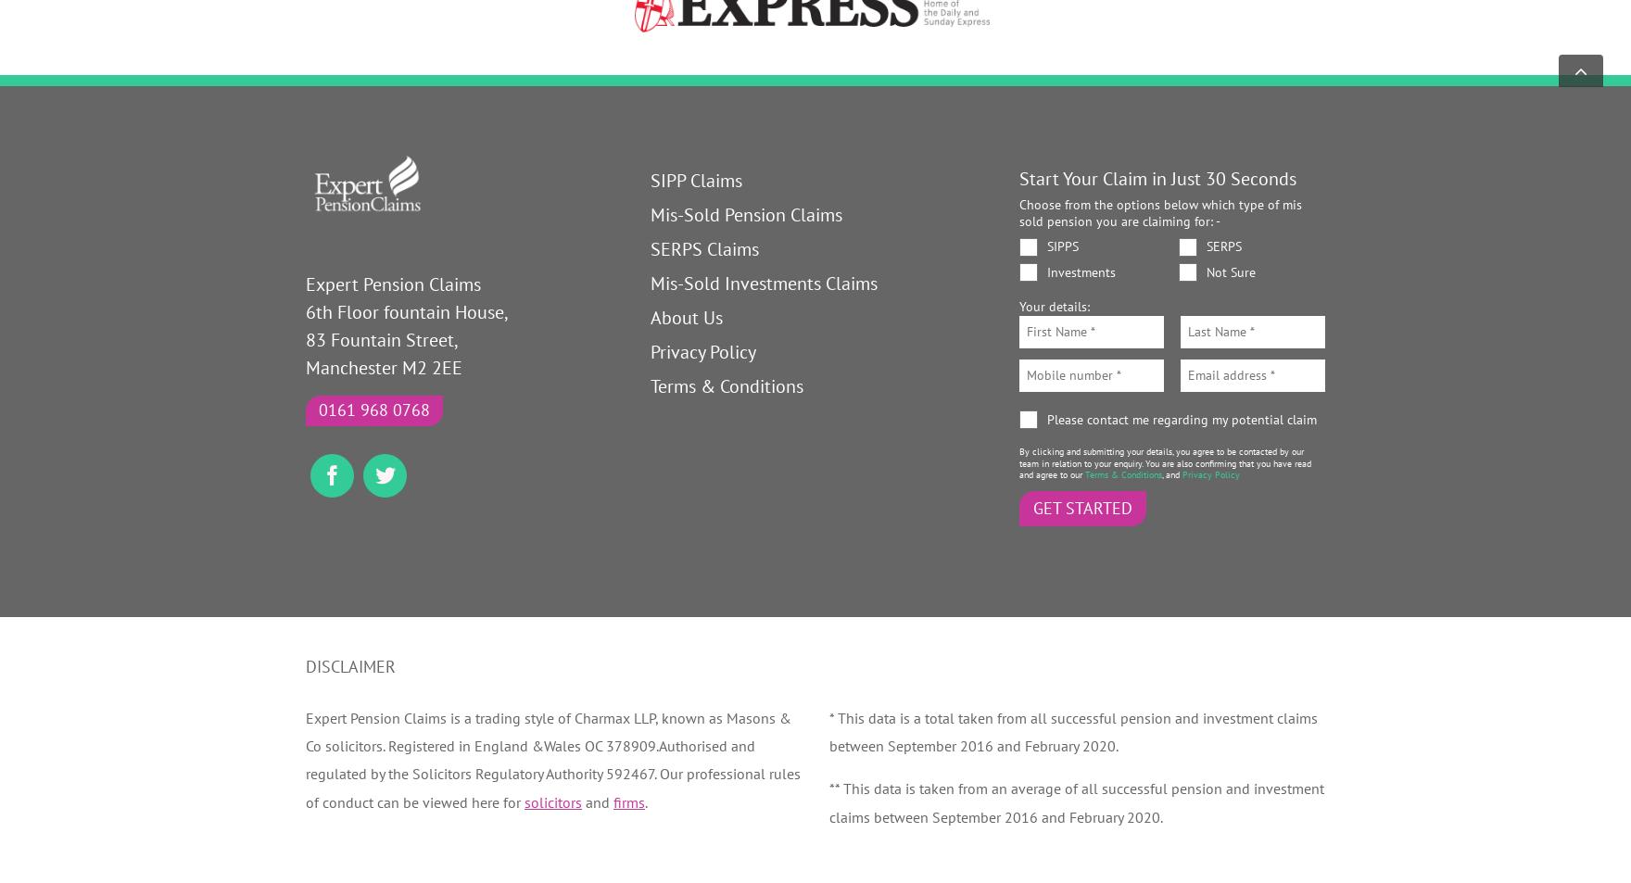 This screenshot has width=1631, height=883. Describe the element at coordinates (1230, 271) in the screenshot. I see `'Not Sure'` at that location.